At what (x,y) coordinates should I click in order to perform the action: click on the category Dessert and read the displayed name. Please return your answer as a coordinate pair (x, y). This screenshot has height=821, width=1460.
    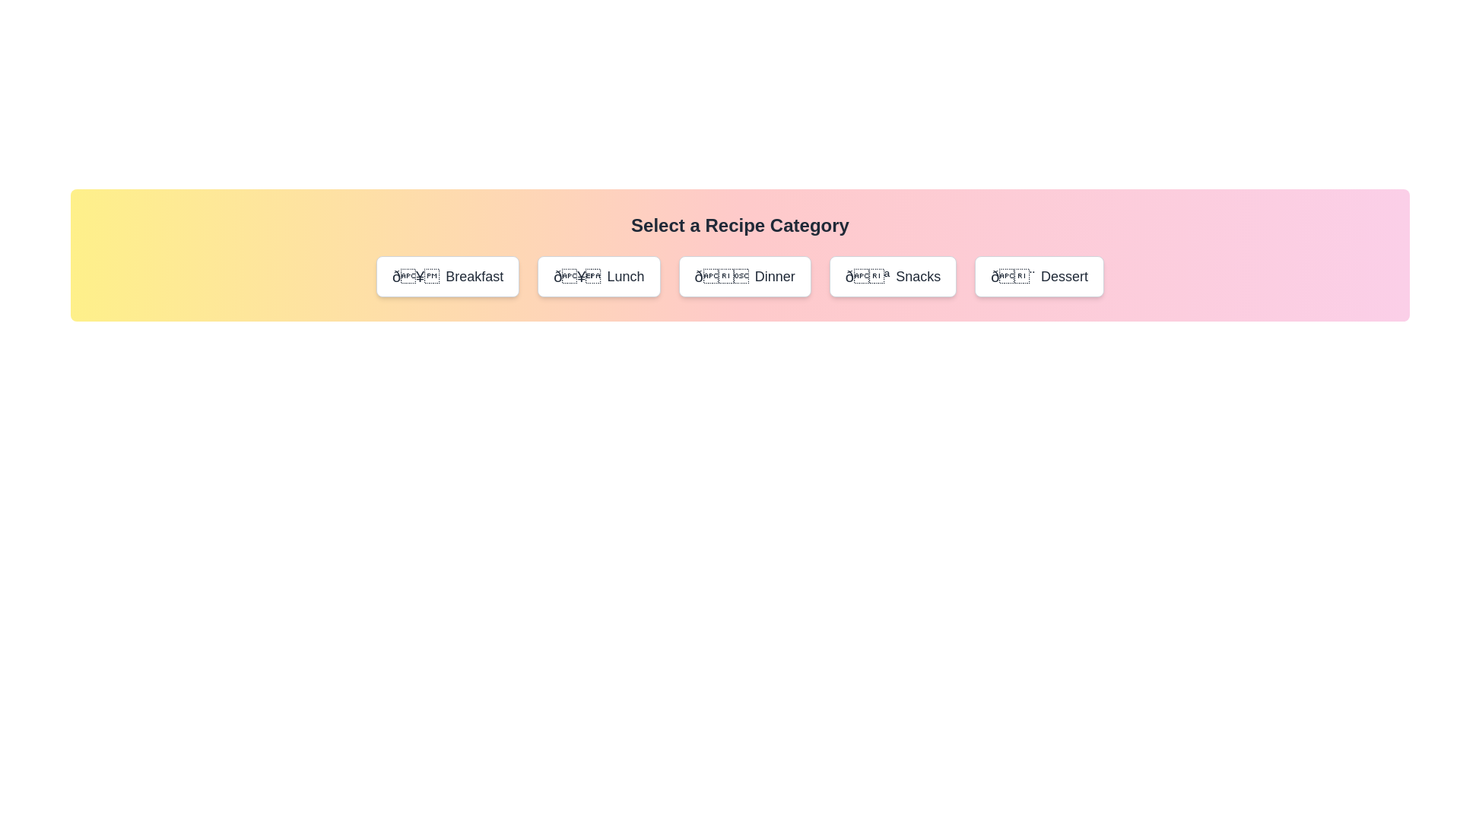
    Looking at the image, I should click on (1039, 276).